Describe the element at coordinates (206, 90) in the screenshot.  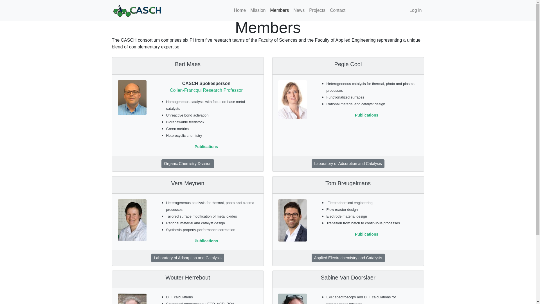
I see `'Collen-Francqui Research Professor'` at that location.